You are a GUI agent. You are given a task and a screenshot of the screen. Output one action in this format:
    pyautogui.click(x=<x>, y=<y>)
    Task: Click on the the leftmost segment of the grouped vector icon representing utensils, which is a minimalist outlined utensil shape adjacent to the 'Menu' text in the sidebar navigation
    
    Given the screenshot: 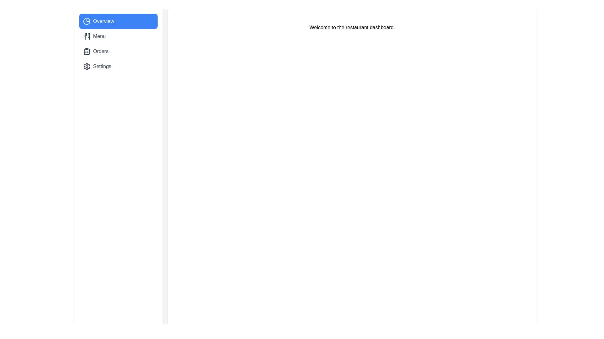 What is the action you would take?
    pyautogui.click(x=85, y=35)
    